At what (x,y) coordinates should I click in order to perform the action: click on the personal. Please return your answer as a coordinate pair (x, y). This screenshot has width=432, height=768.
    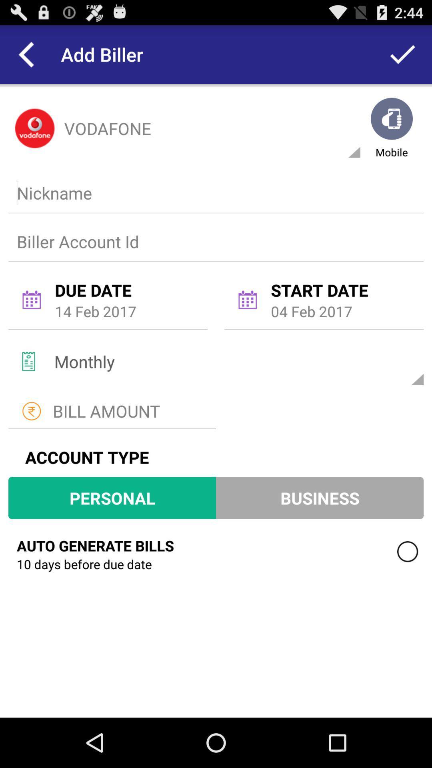
    Looking at the image, I should click on (112, 497).